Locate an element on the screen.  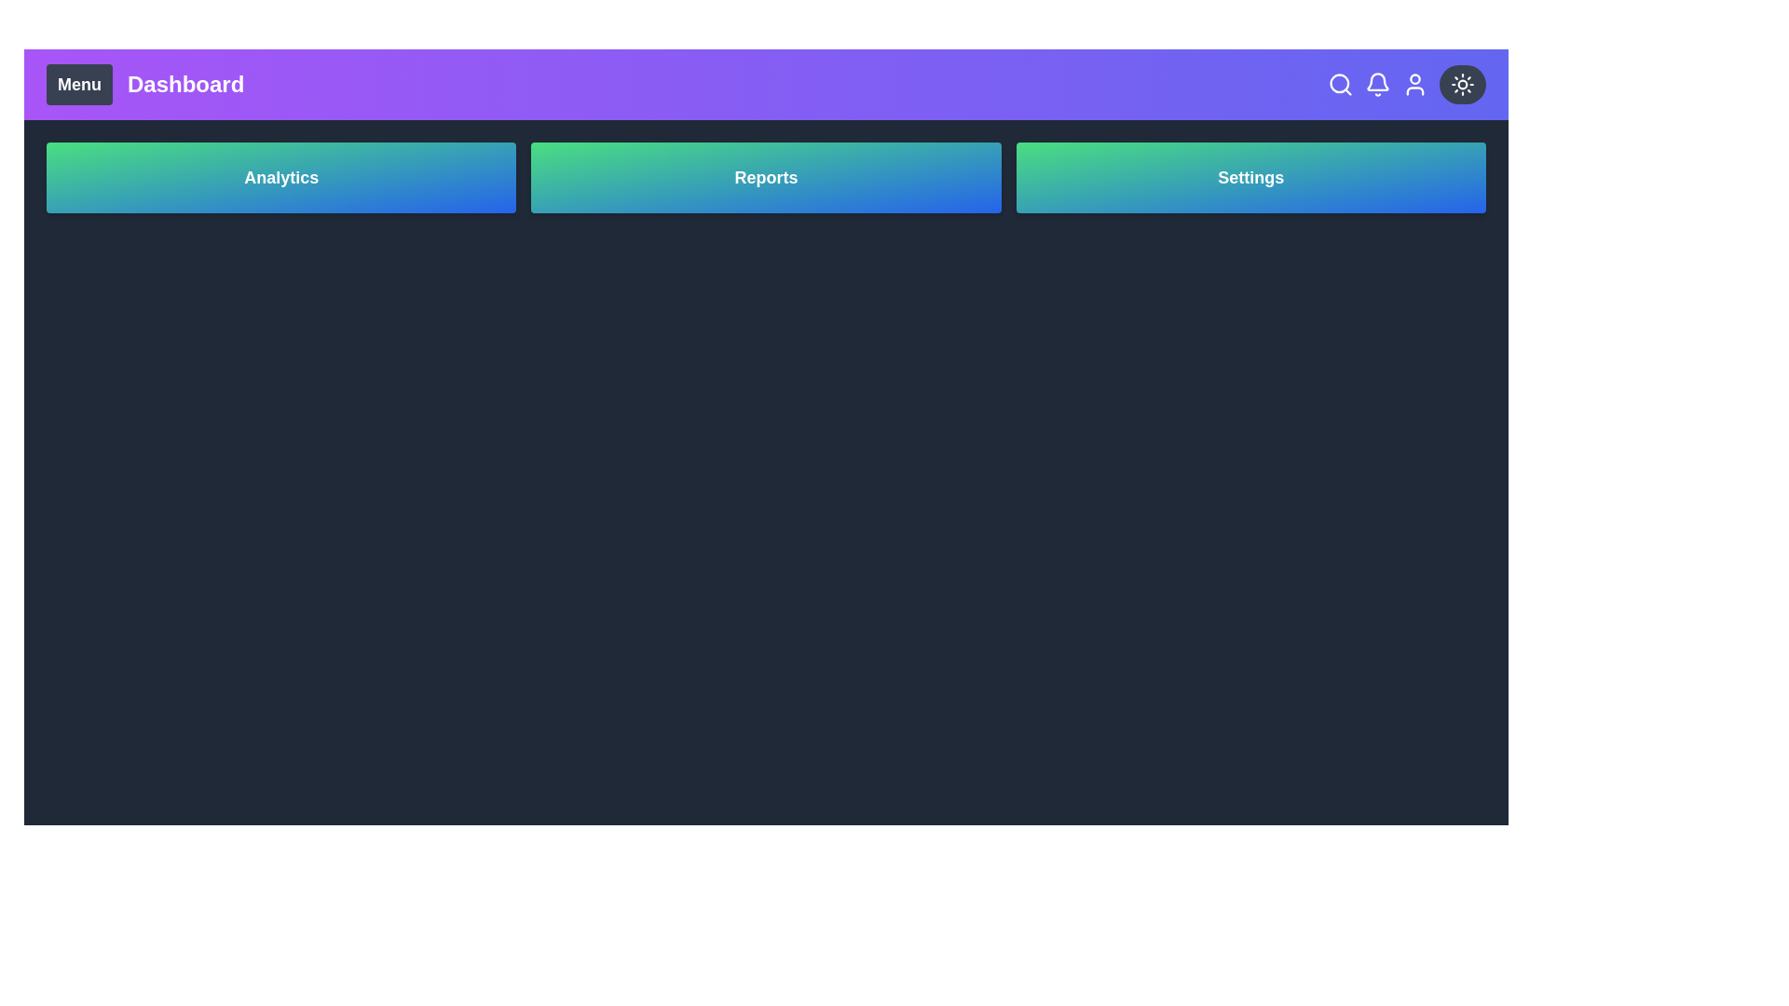
the menu button to toggle the menu is located at coordinates (78, 85).